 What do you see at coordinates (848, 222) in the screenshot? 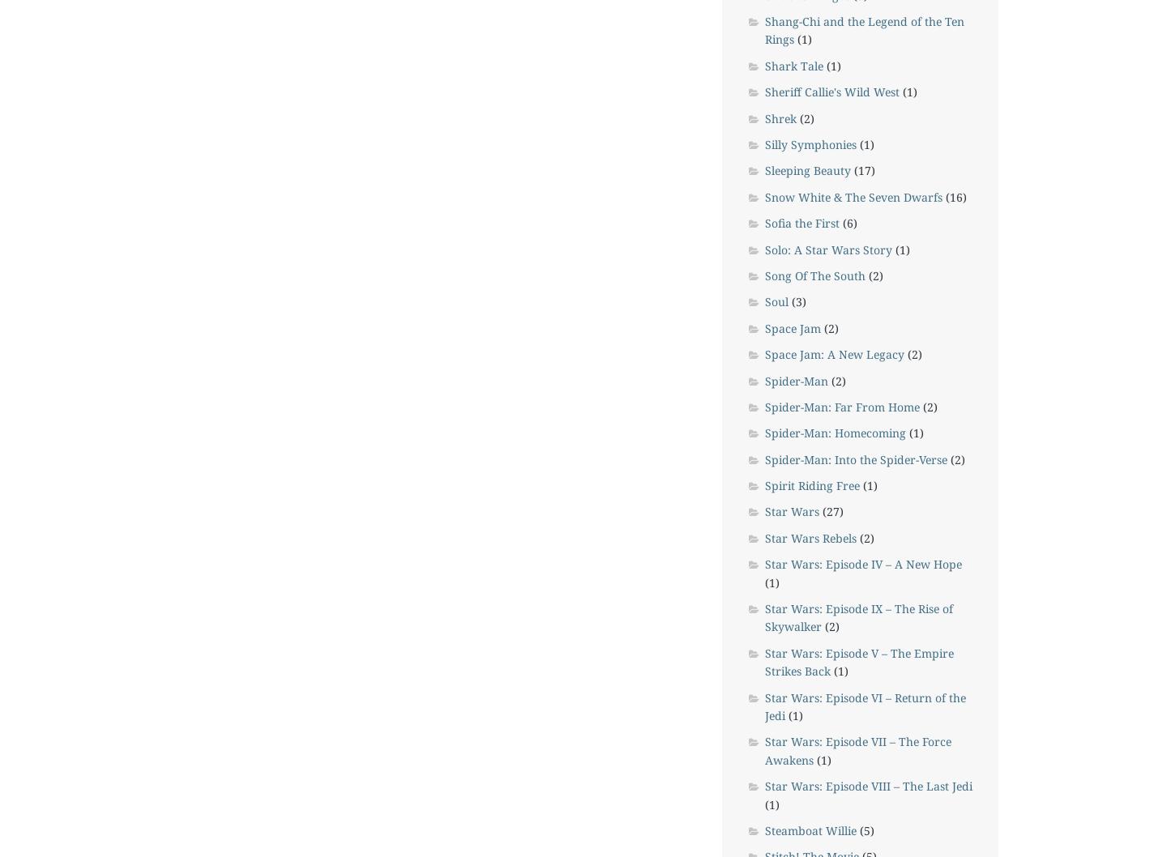
I see `'(6)'` at bounding box center [848, 222].